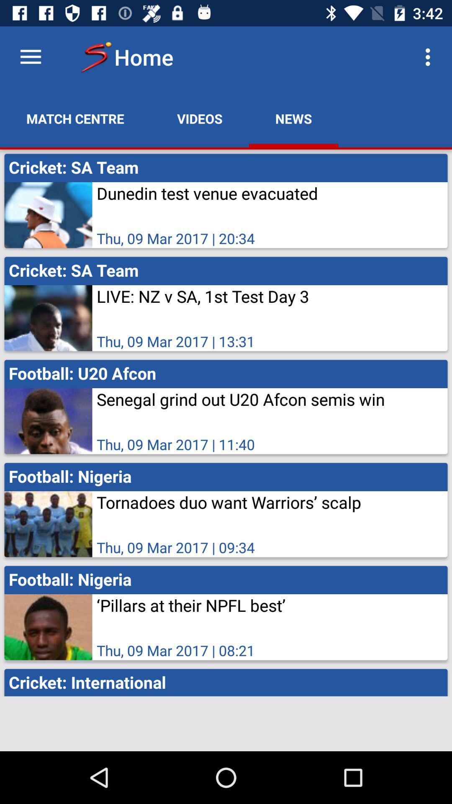 This screenshot has height=804, width=452. I want to click on item to the right of the news icon, so click(430, 57).